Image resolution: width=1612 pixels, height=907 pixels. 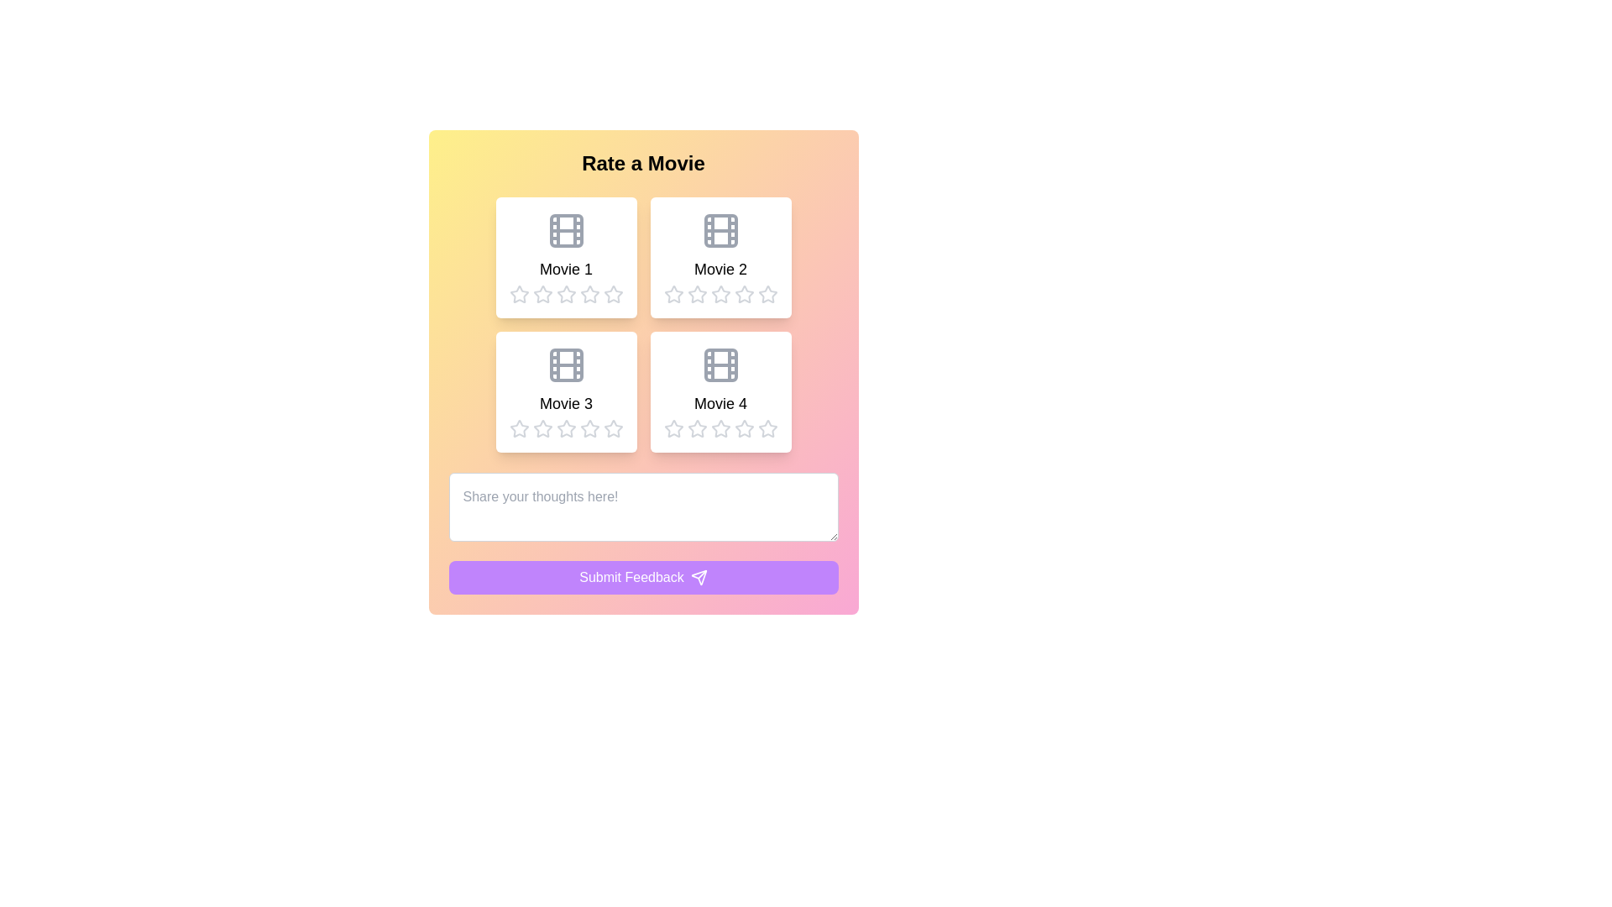 I want to click on the fourth star in the rating system for 'Movie 2' to indicate a rating, so click(x=720, y=294).